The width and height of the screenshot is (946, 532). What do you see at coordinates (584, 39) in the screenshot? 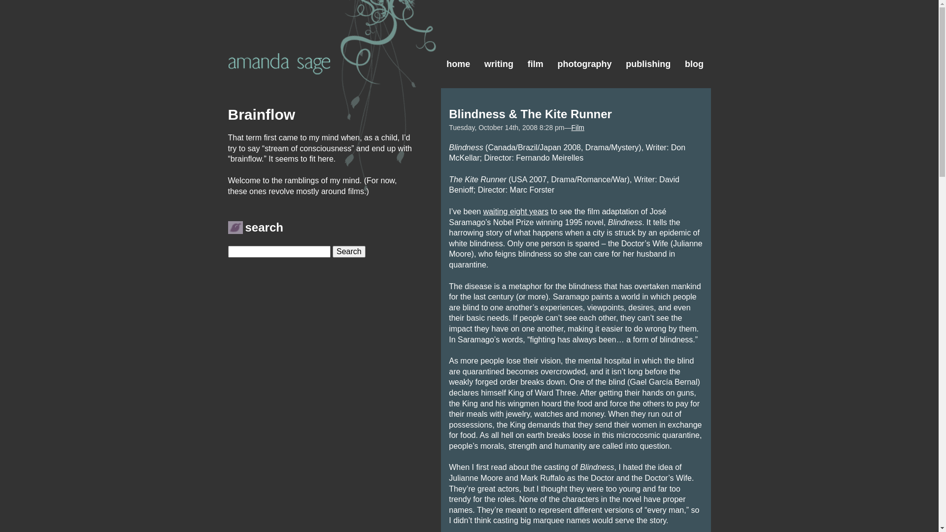
I see `'photography'` at bounding box center [584, 39].